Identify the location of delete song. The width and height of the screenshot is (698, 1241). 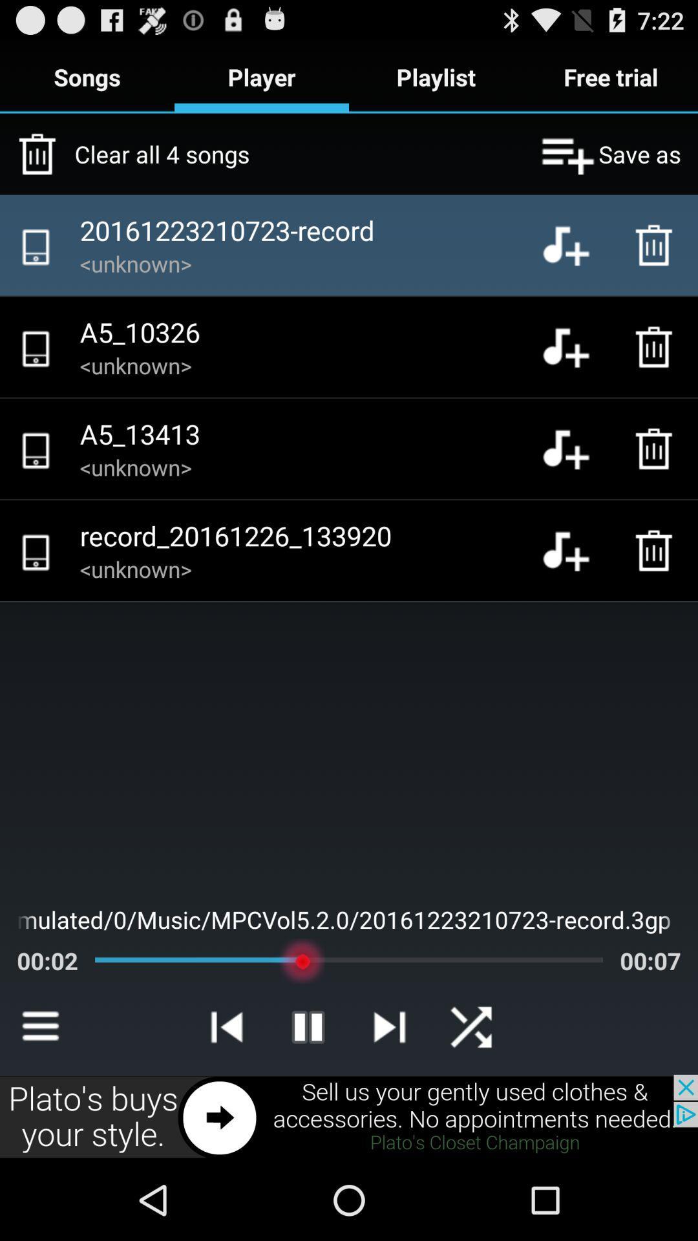
(657, 245).